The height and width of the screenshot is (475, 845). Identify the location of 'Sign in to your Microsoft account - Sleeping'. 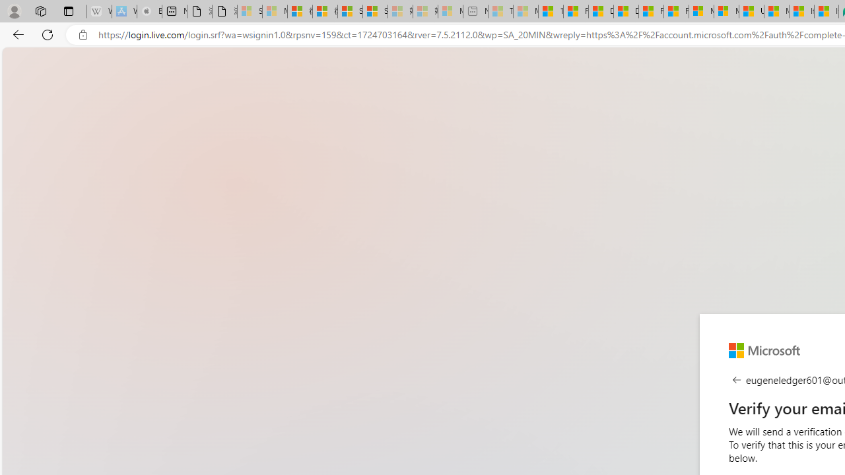
(250, 11).